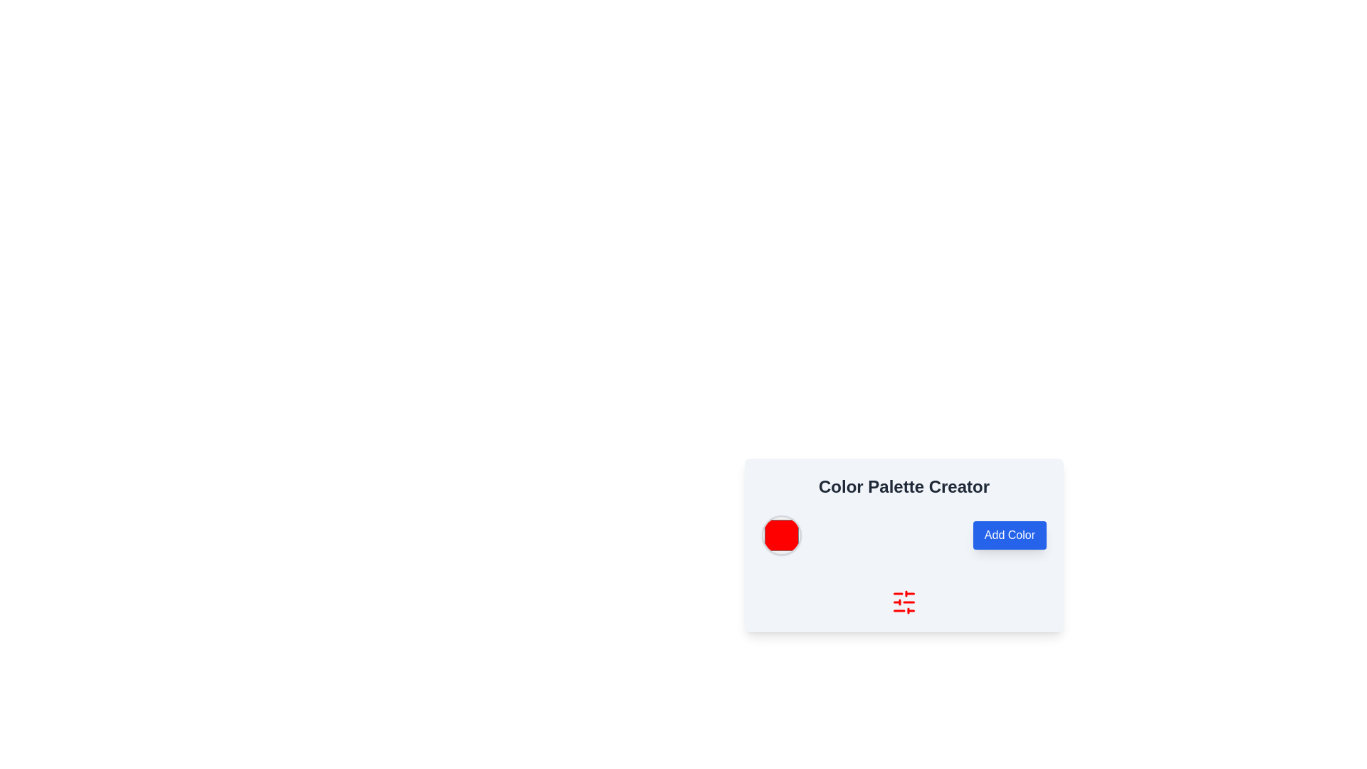 This screenshot has width=1367, height=769. I want to click on the circular Color Picker or Selector Button with a red fill color, so click(781, 535).